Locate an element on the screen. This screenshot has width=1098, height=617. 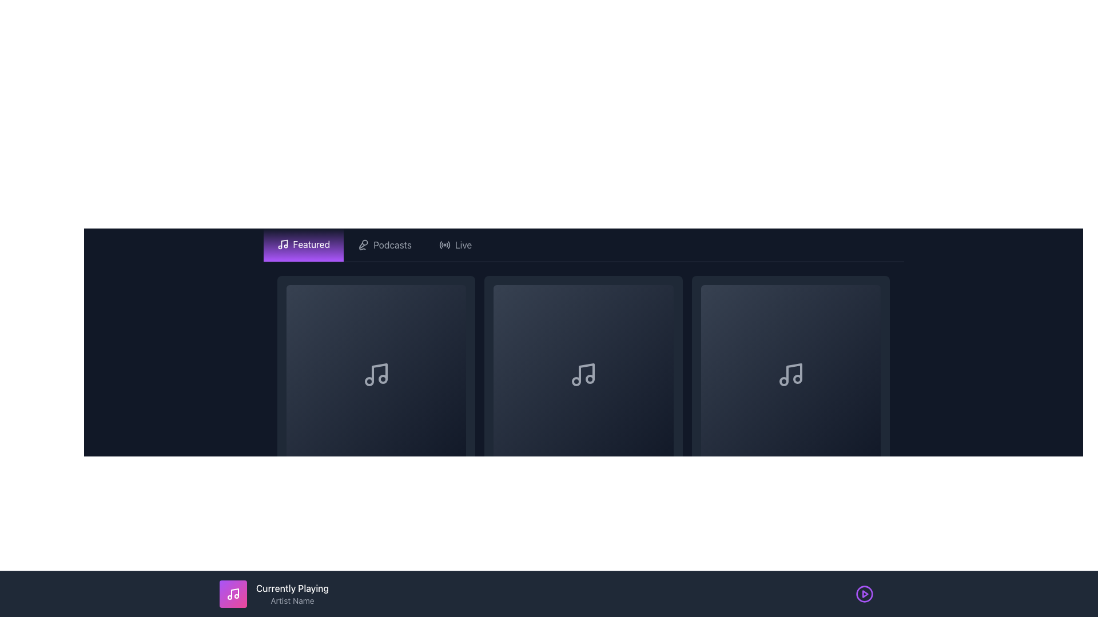
the 'Live' button, which is the third clickable option in the horizontal navigation bar is located at coordinates (455, 244).